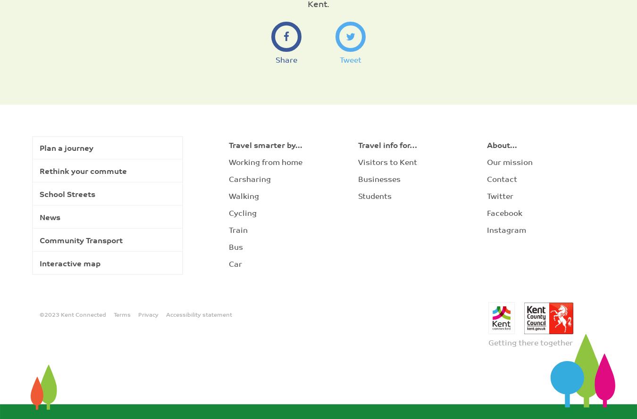  I want to click on 'Community Transport', so click(39, 240).